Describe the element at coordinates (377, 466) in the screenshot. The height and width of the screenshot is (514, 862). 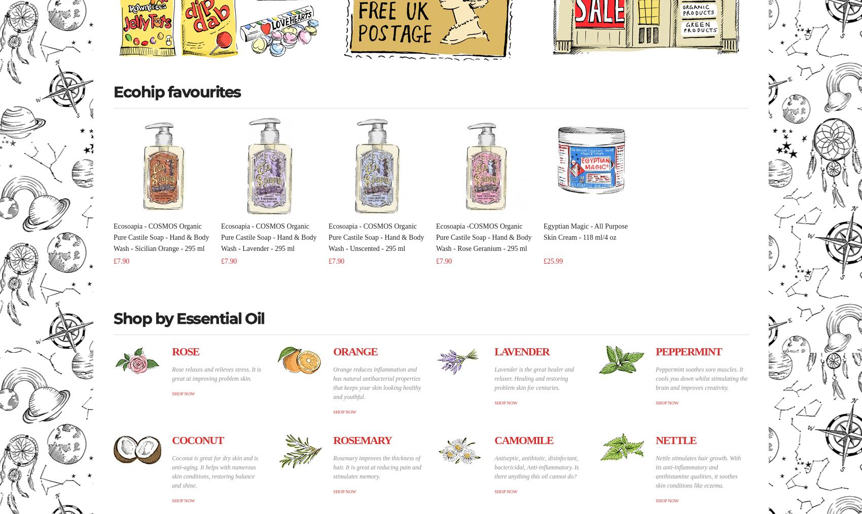
I see `'Rosemary improves the thickness of hair. It is great at reducing pain and stimulates memory.'` at that location.